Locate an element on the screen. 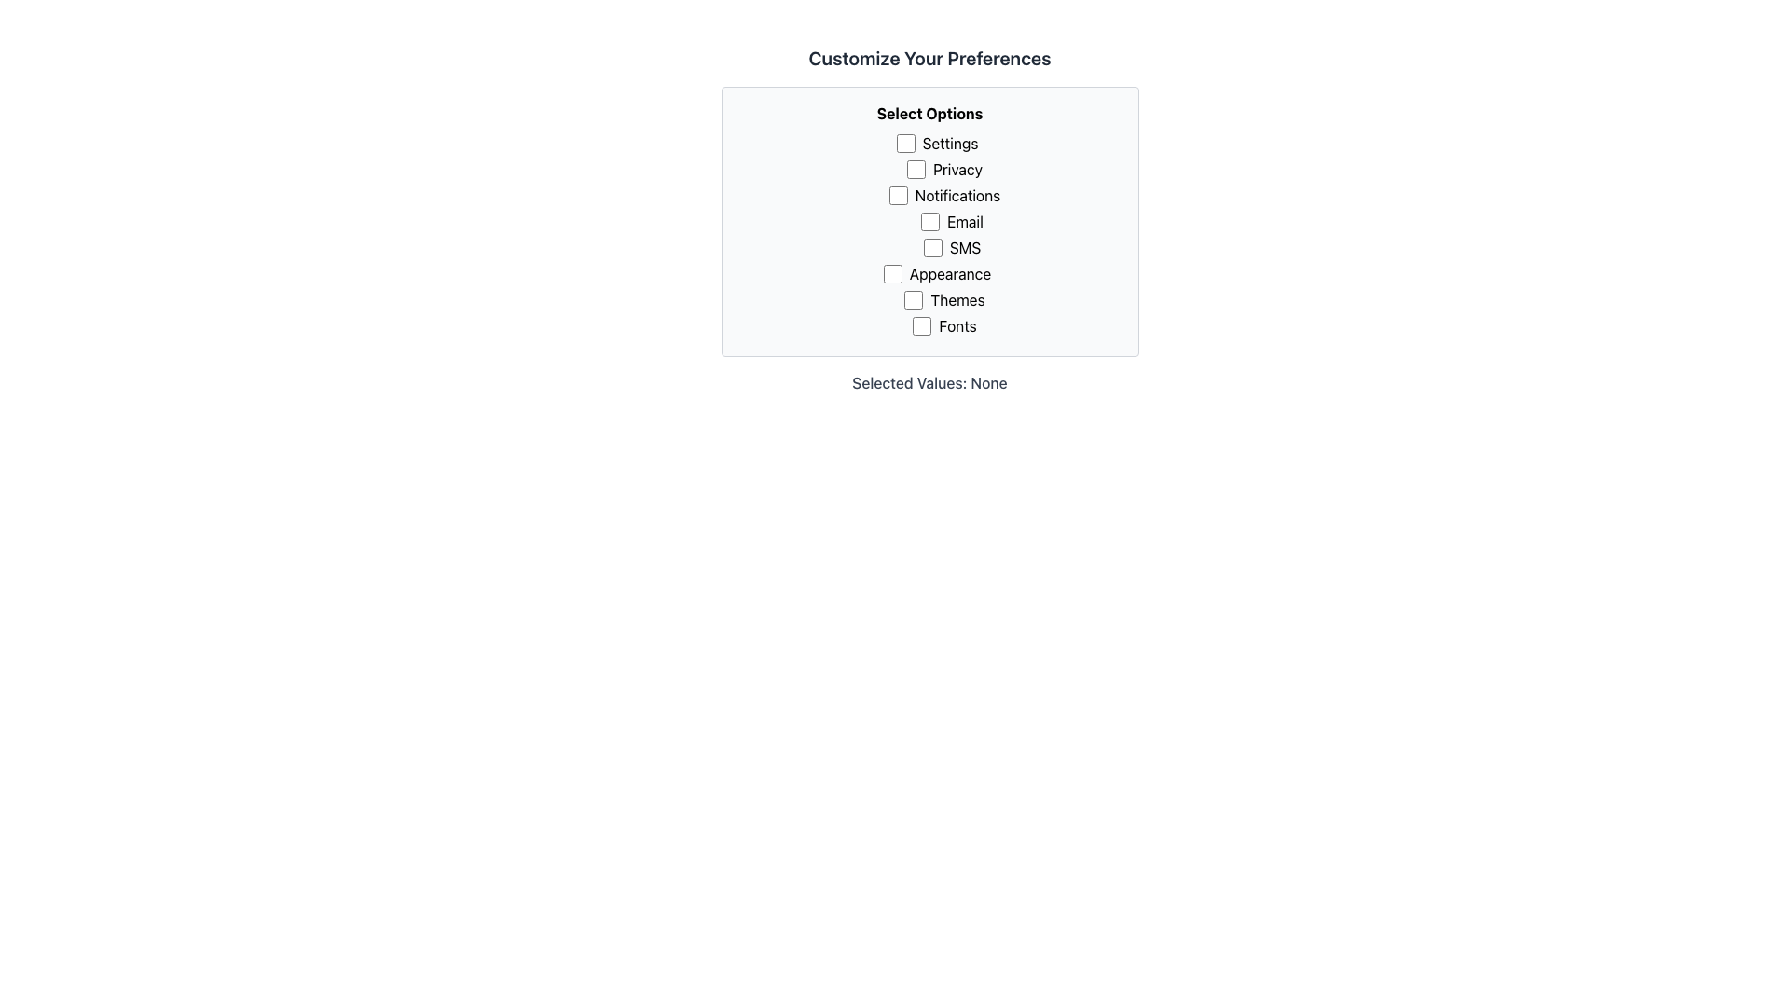 This screenshot has width=1790, height=1007. the label that serves as a description for the checkbox in the 'Select Options' section, located beneath the 'Notifications' header is located at coordinates (952, 221).